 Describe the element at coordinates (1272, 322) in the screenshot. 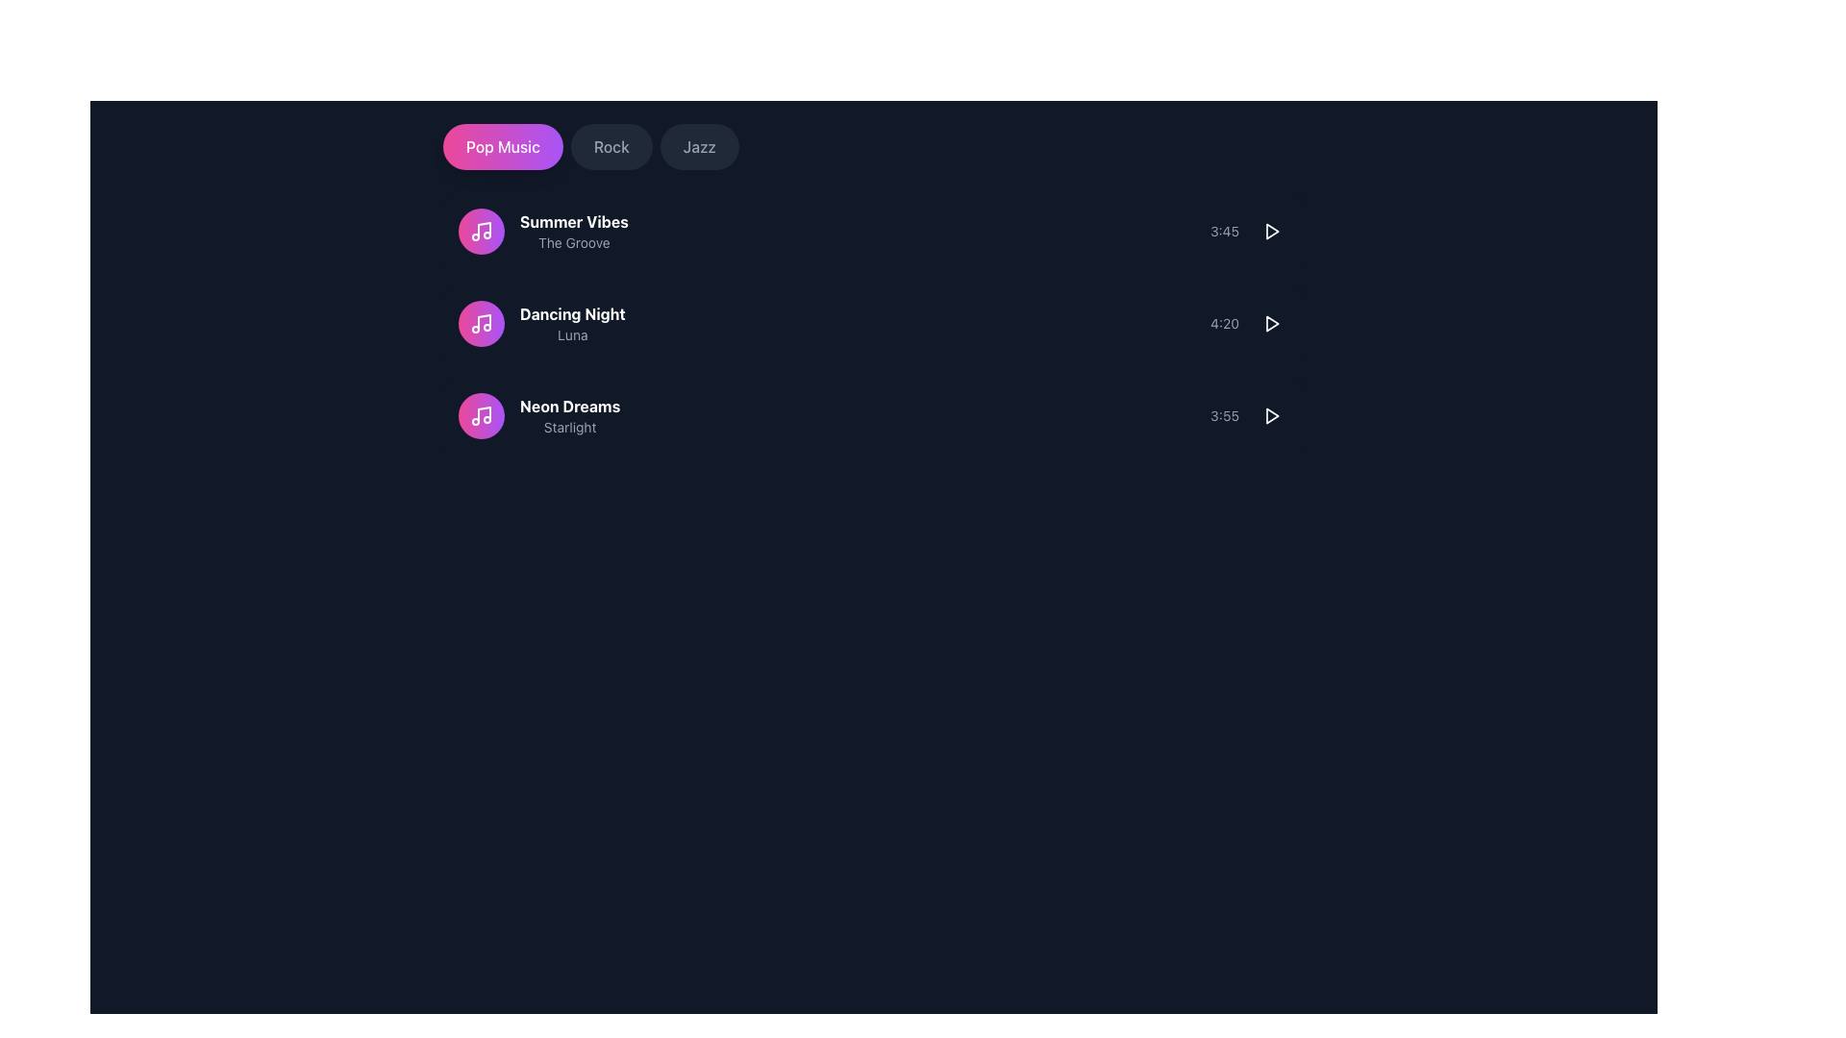

I see `the play button located in the middle of a column of controls on the right section of the interface to initiate playback` at that location.